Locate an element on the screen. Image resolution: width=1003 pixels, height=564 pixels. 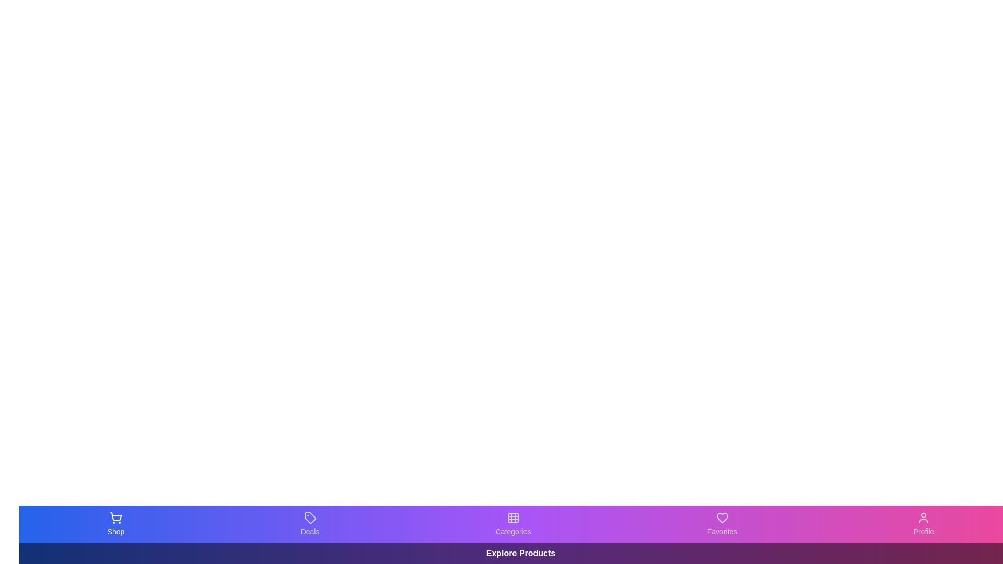
the Favorites tab in the bottom navigation bar is located at coordinates (721, 524).